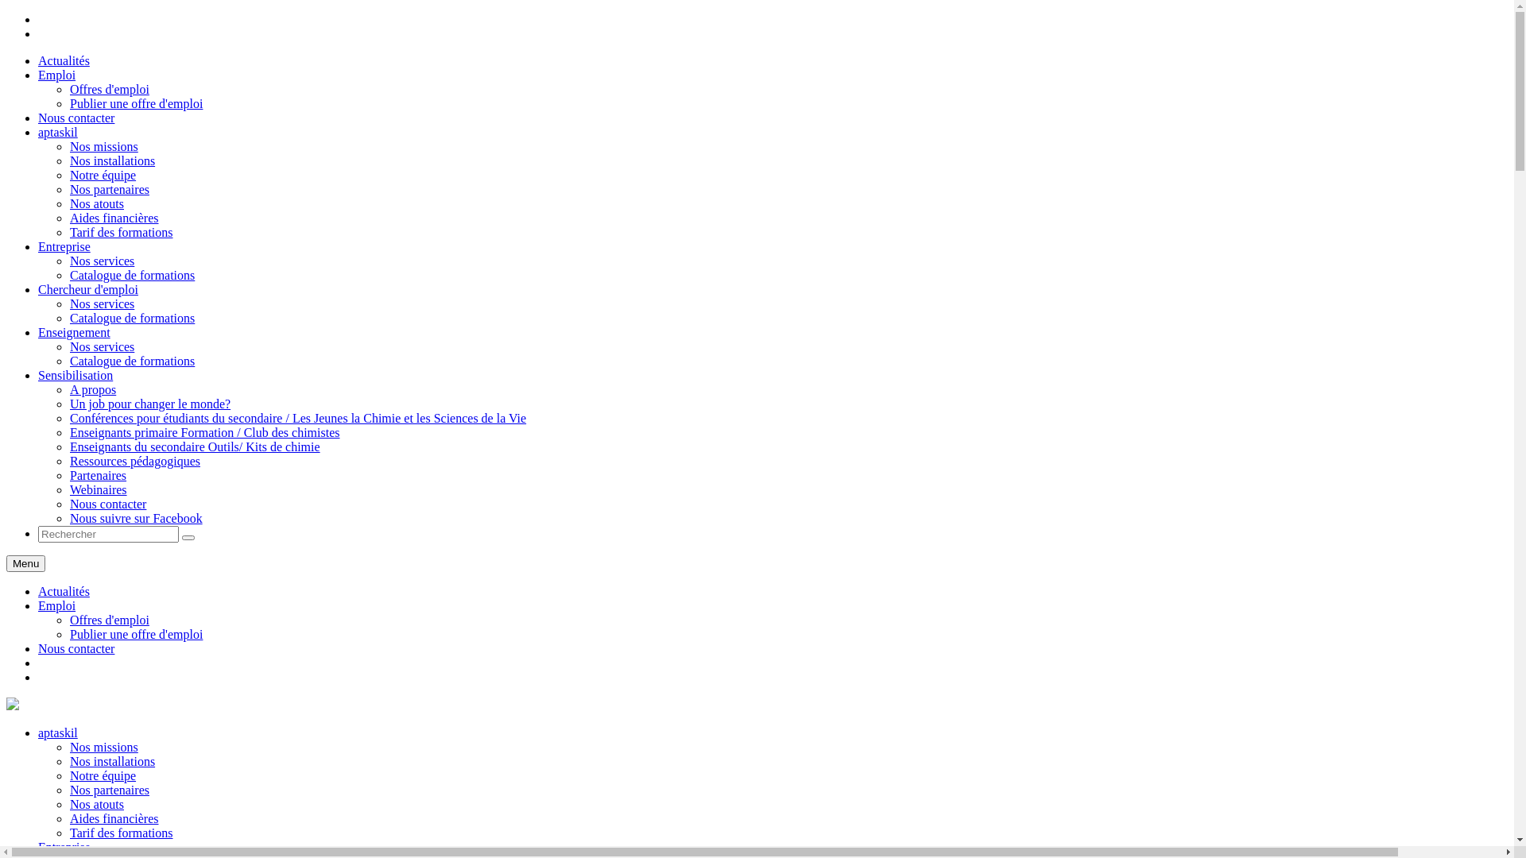  Describe the element at coordinates (101, 260) in the screenshot. I see `'Nos services'` at that location.